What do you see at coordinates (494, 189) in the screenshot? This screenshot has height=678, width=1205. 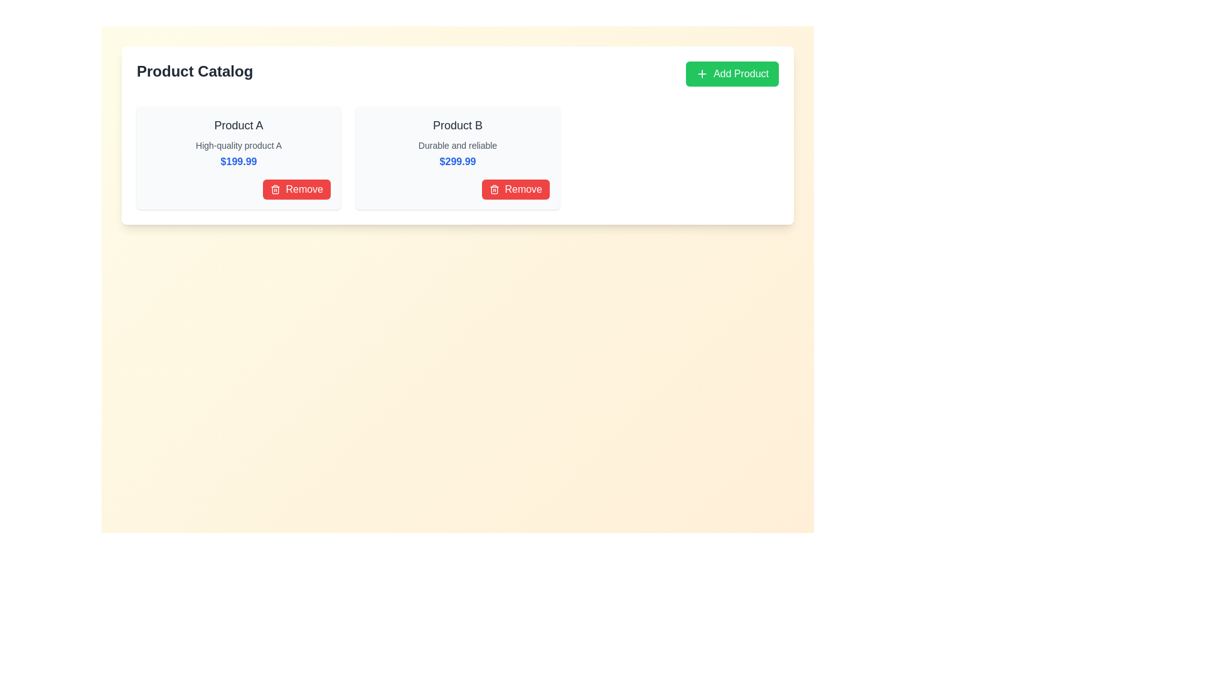 I see `the trash bin icon with a minimalistic design, located inside the red 'Remove' button under 'Product B'` at bounding box center [494, 189].